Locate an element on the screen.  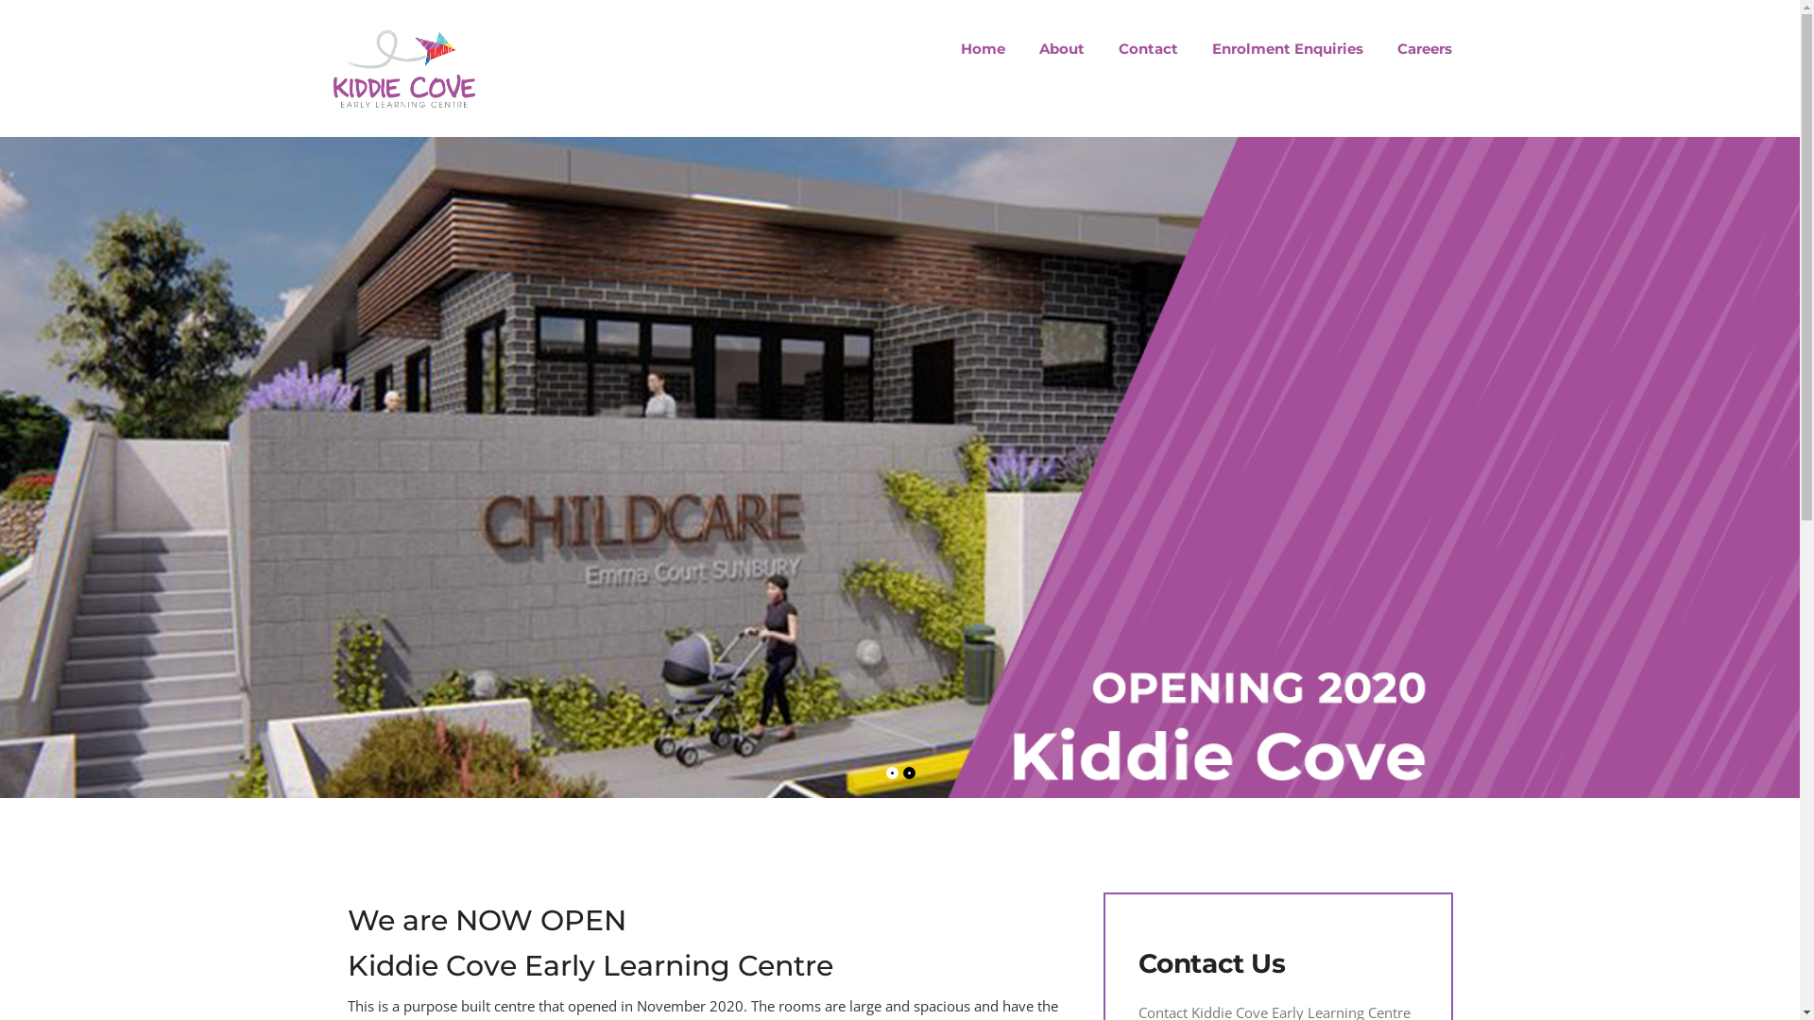
'About' is located at coordinates (1061, 47).